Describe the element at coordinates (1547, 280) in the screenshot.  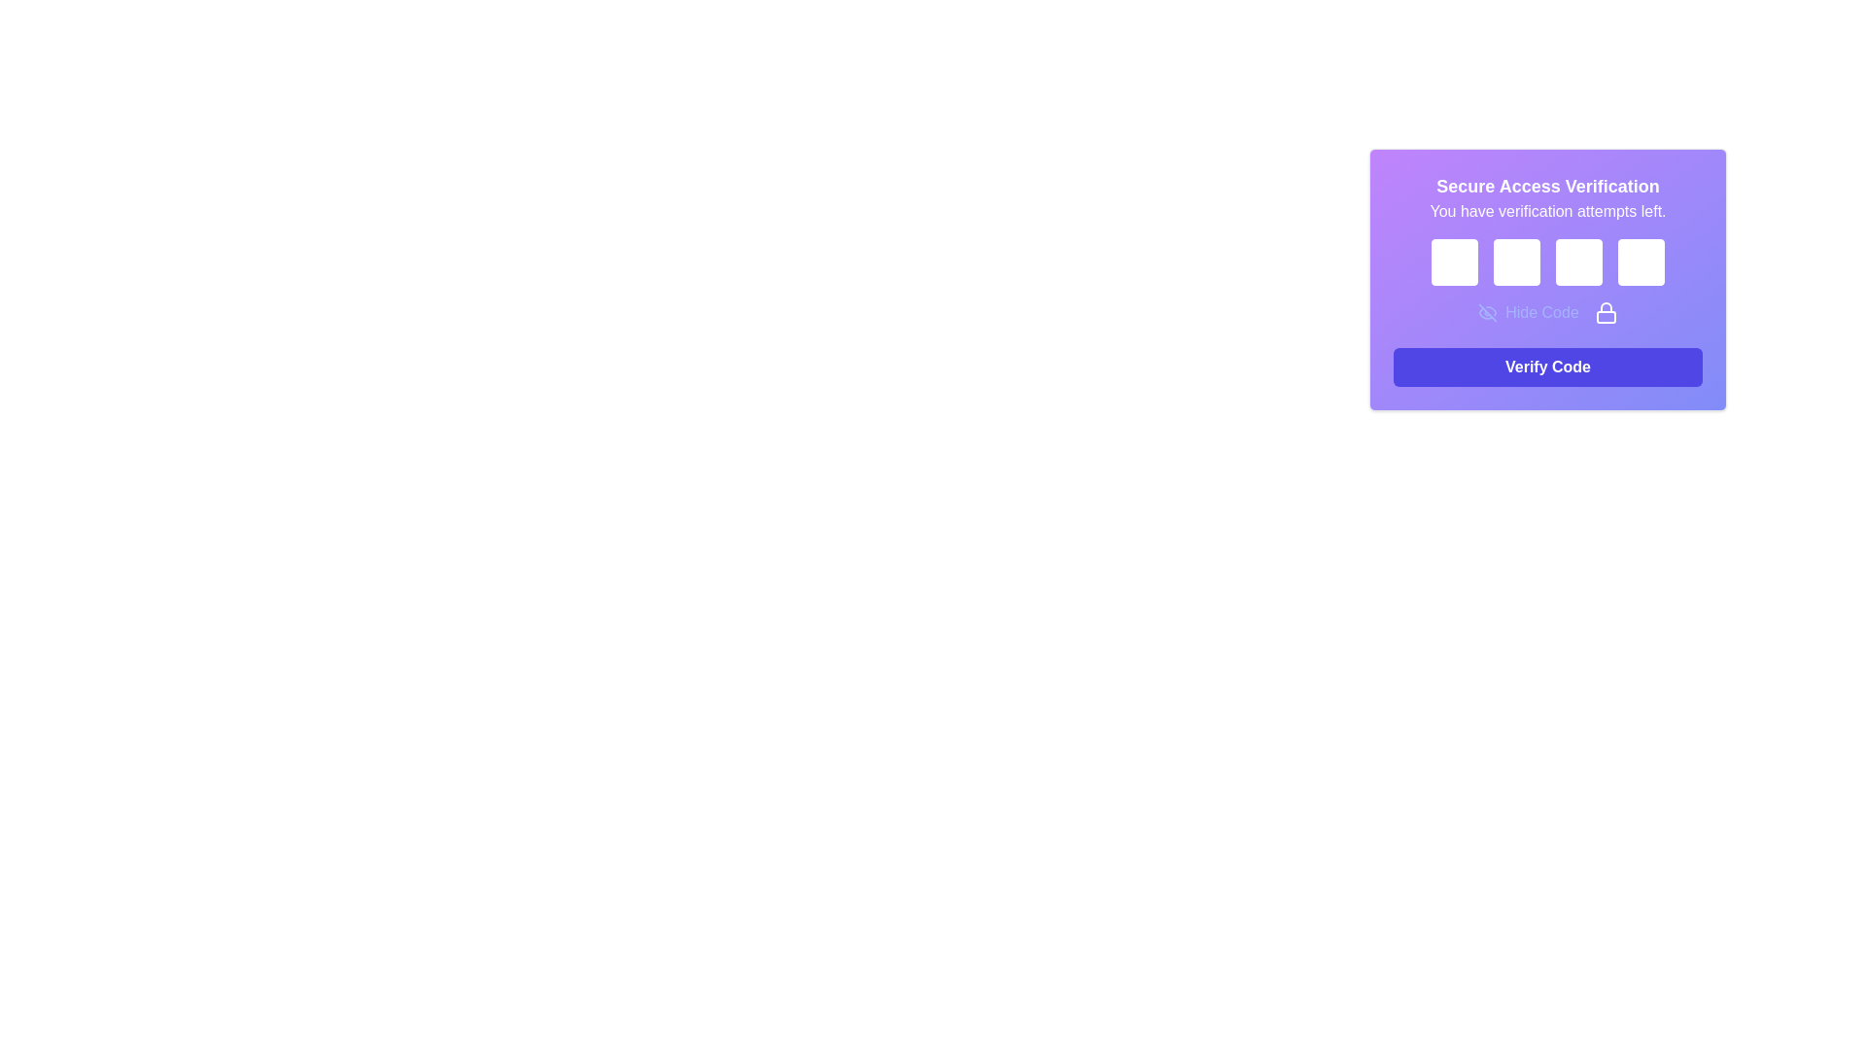
I see `the third text input field, which has a square shape with rounded corners, a white background, and black text, to focus for typing` at that location.